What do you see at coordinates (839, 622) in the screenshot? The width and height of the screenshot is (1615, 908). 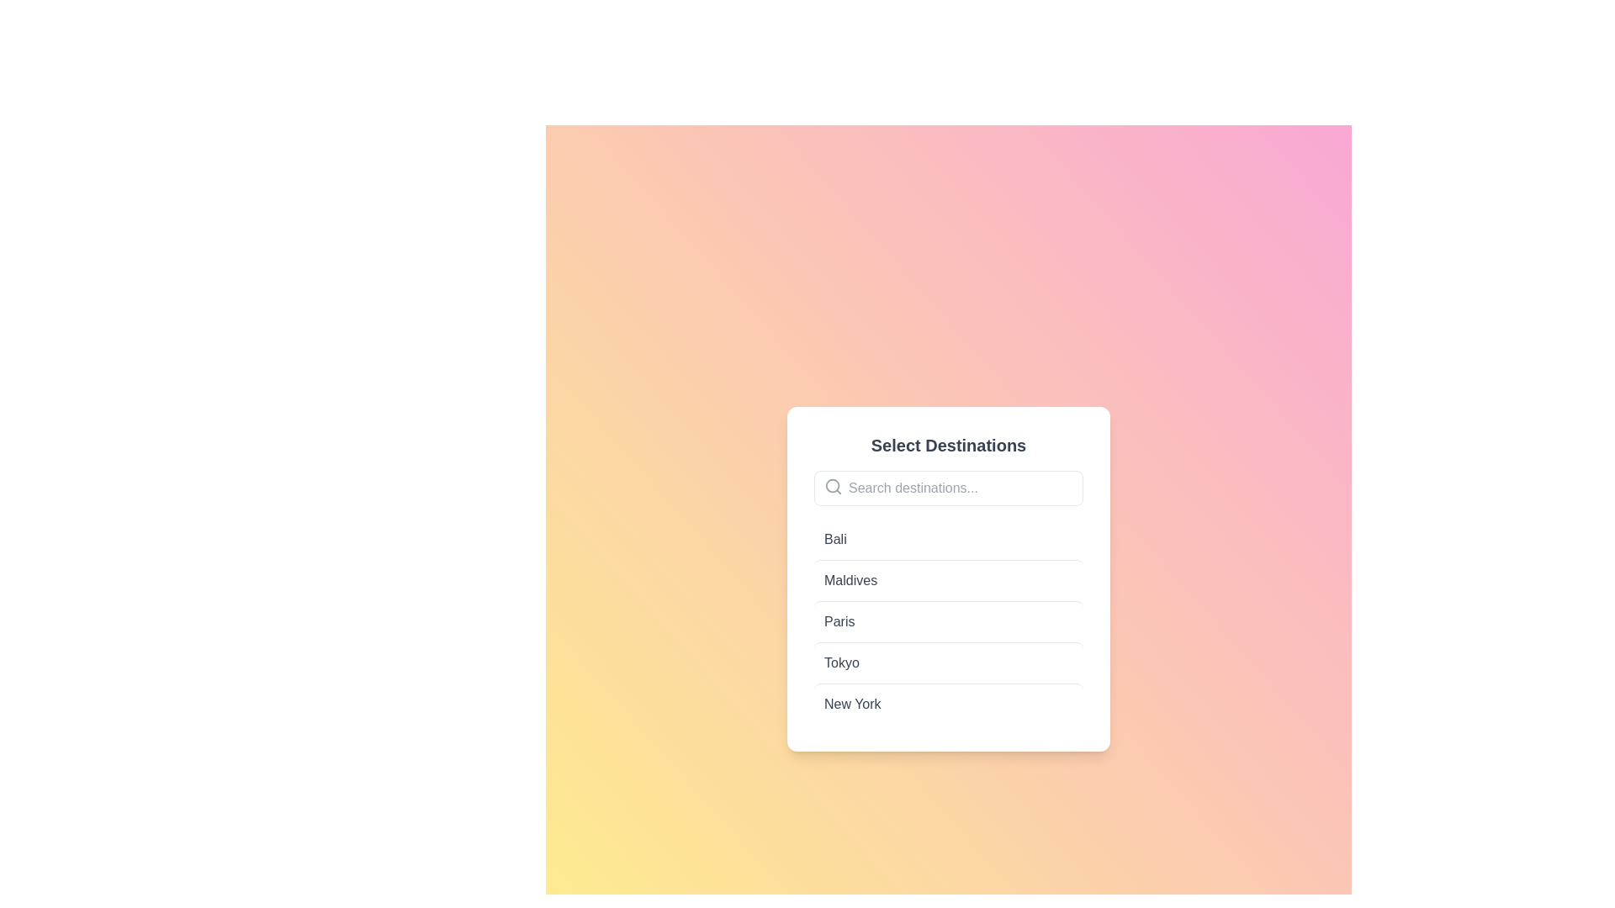 I see `the 'Paris' text label, which identifies the selection within a list of destinations located between 'Maldives' and 'Tokyo' under the header 'Select Destinations'` at bounding box center [839, 622].